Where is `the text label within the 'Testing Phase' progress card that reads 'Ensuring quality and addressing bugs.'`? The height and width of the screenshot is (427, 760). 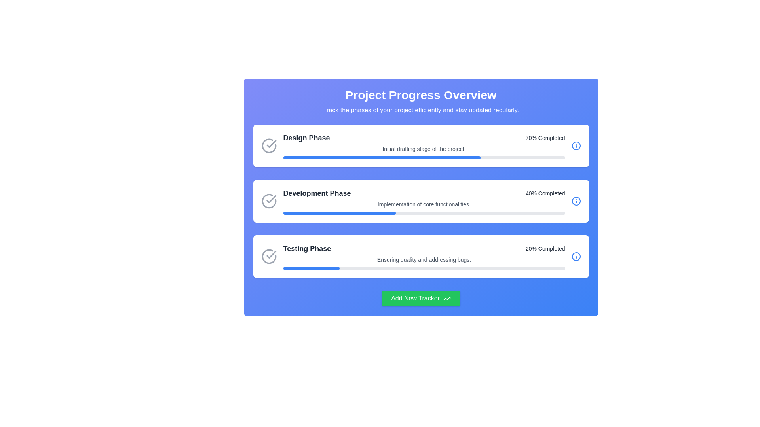
the text label within the 'Testing Phase' progress card that reads 'Ensuring quality and addressing bugs.' is located at coordinates (424, 256).